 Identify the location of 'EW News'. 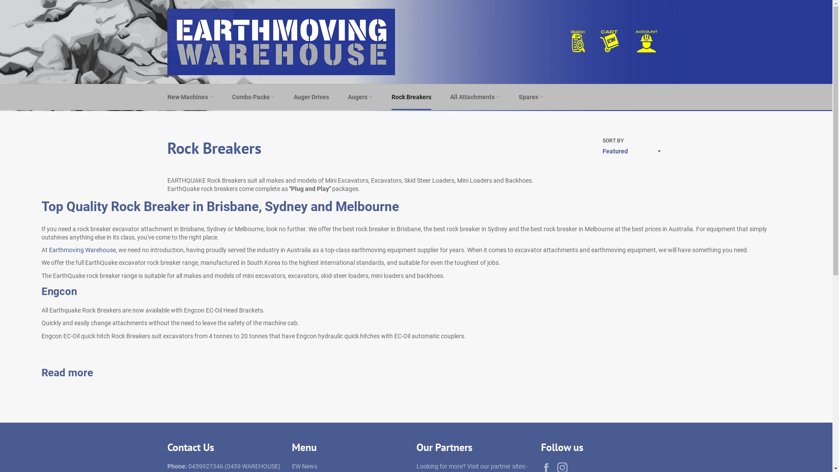
(304, 466).